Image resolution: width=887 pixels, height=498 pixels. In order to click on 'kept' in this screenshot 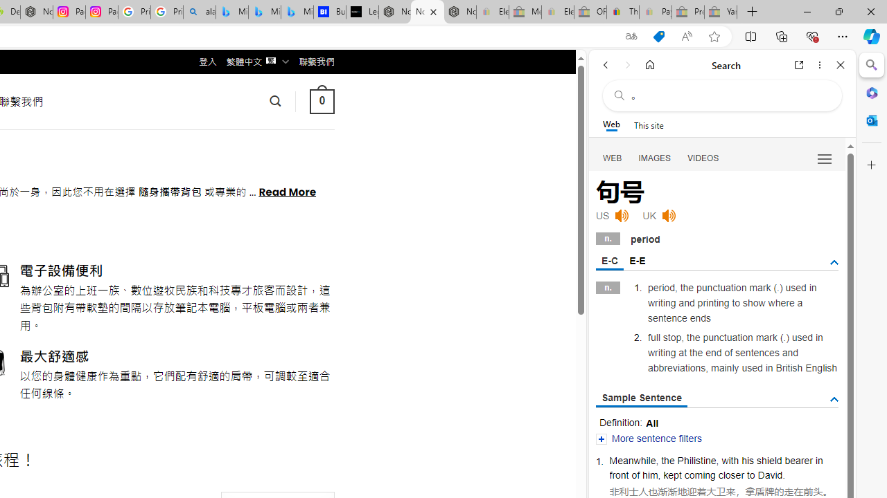, I will do `click(672, 474)`.